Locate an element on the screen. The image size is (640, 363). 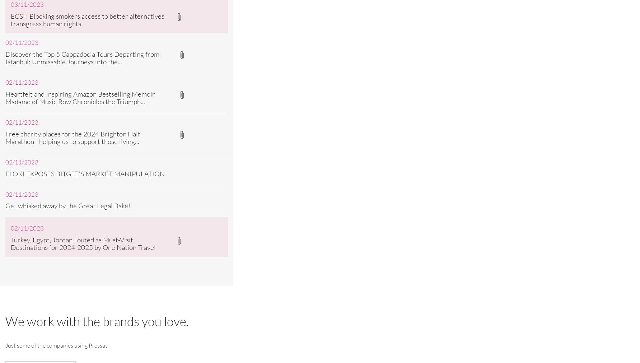
'Just some of the companies using Pressat.' is located at coordinates (56, 345).